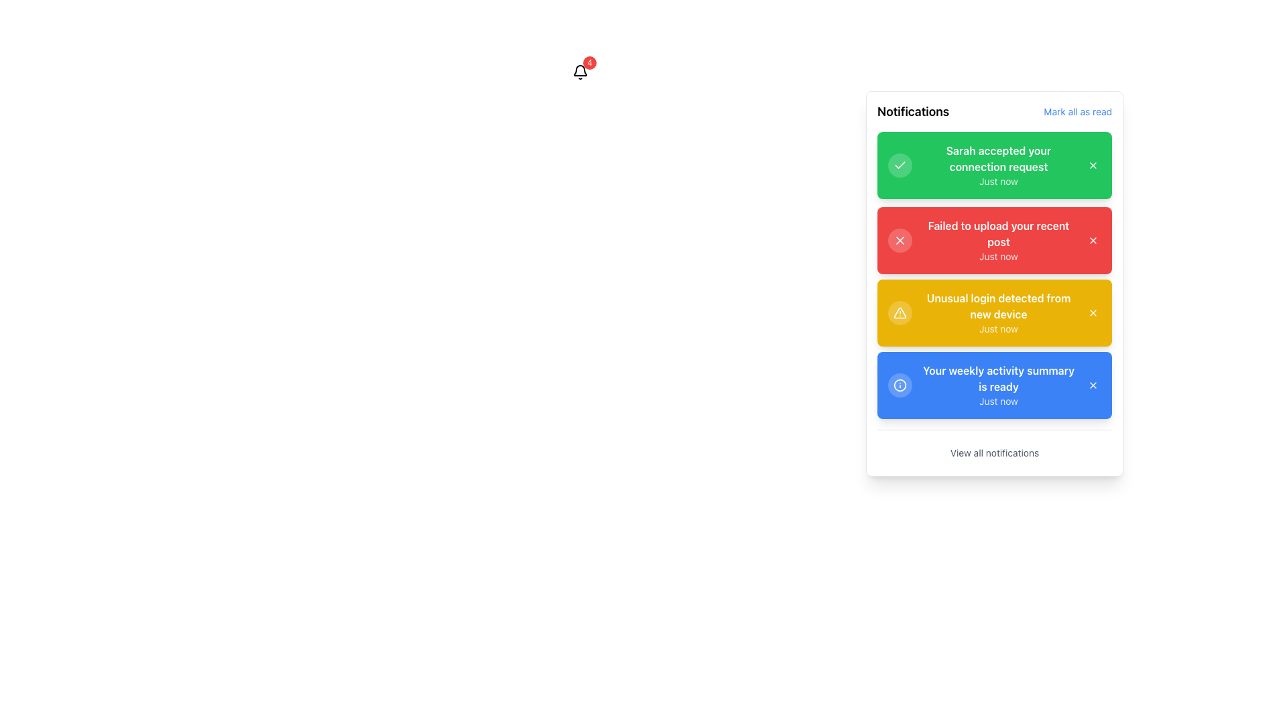  What do you see at coordinates (998, 328) in the screenshot?
I see `timestamp displayed on the text label located underneath the main message 'Unusual login detected from new device' in the notification section on the yellow card` at bounding box center [998, 328].